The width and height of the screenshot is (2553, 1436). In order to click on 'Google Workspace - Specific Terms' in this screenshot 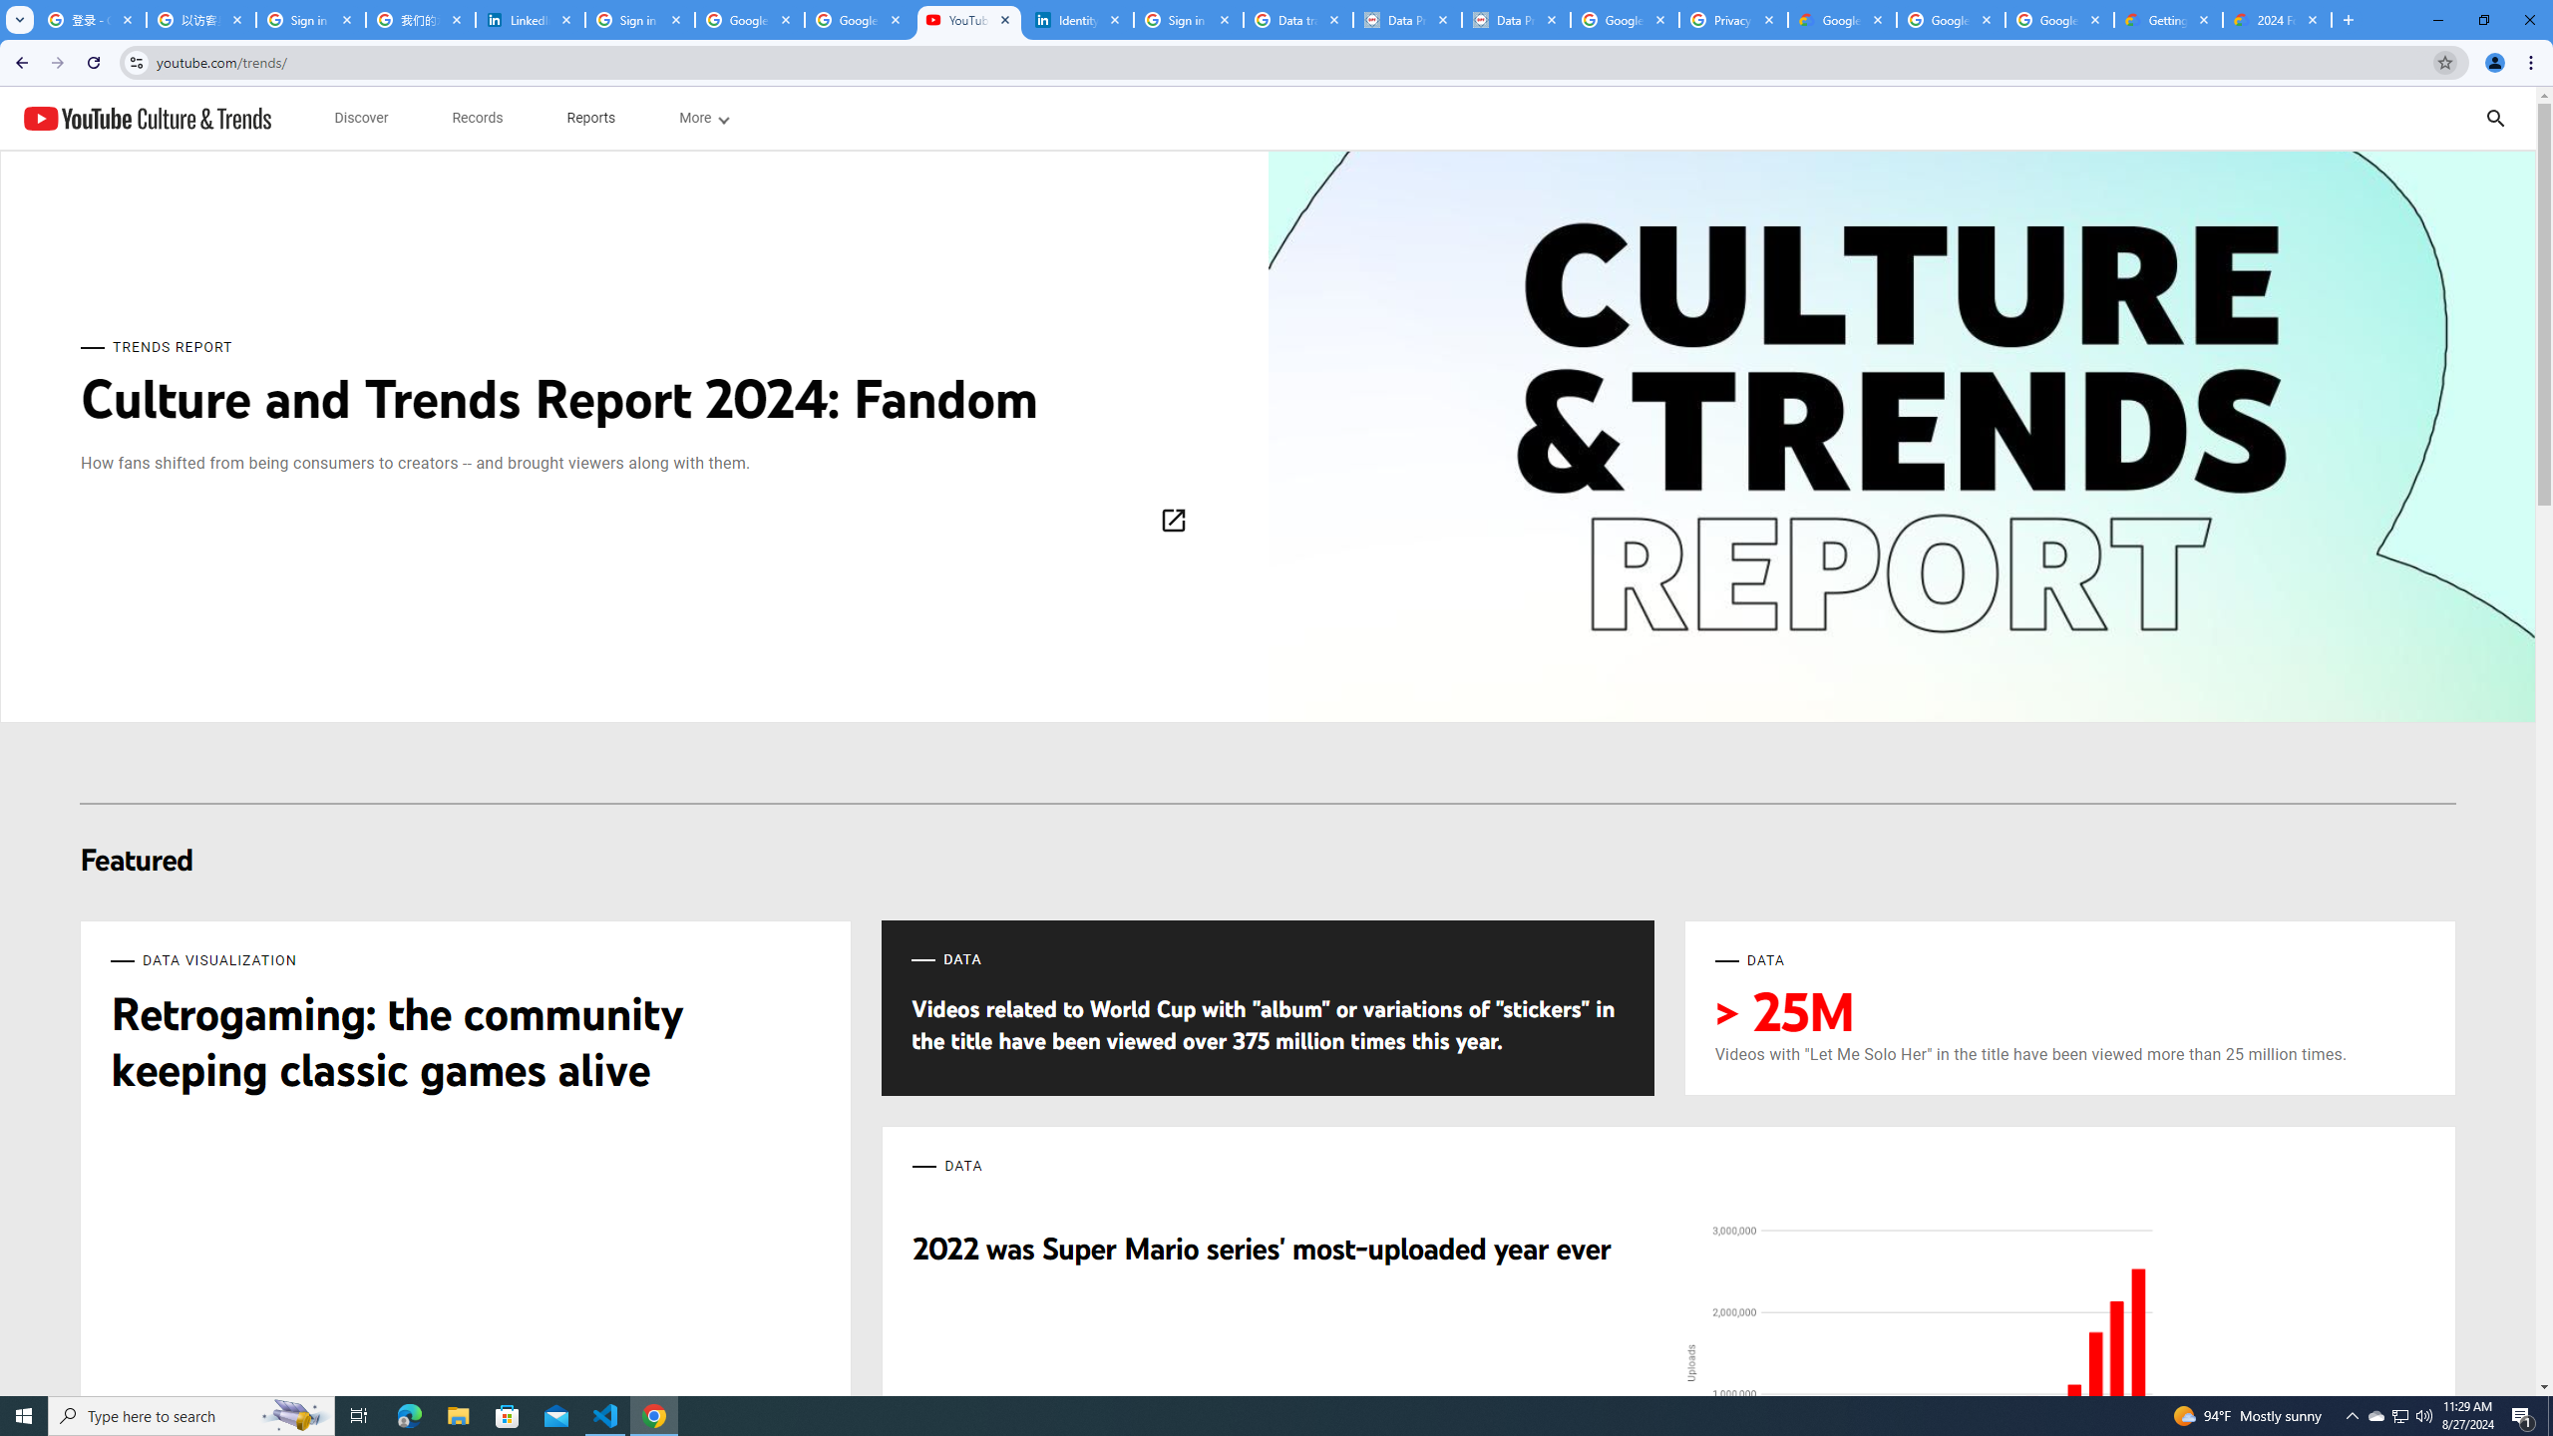, I will do `click(1949, 19)`.